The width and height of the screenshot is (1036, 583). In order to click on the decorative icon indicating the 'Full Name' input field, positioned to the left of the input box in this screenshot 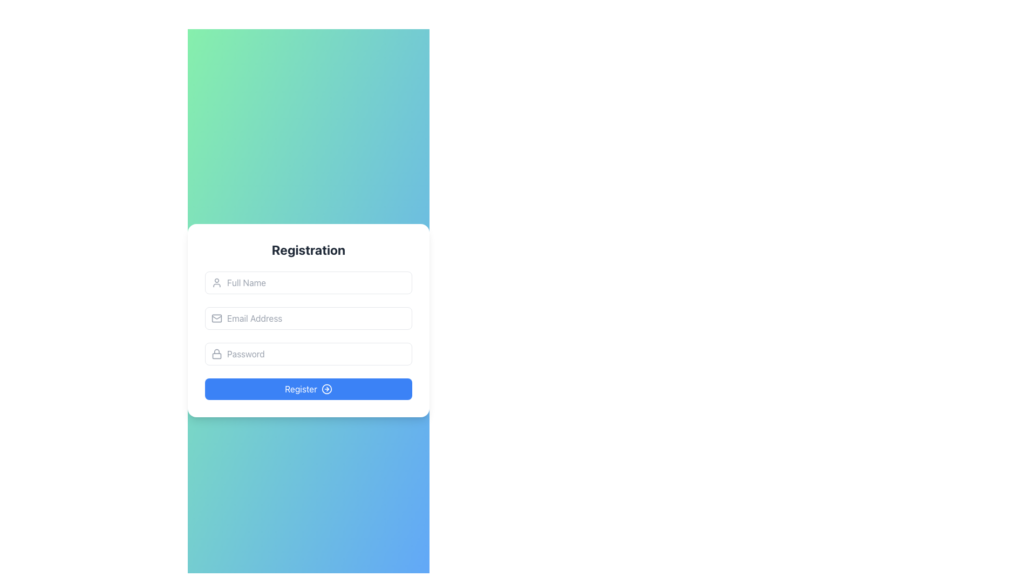, I will do `click(216, 282)`.